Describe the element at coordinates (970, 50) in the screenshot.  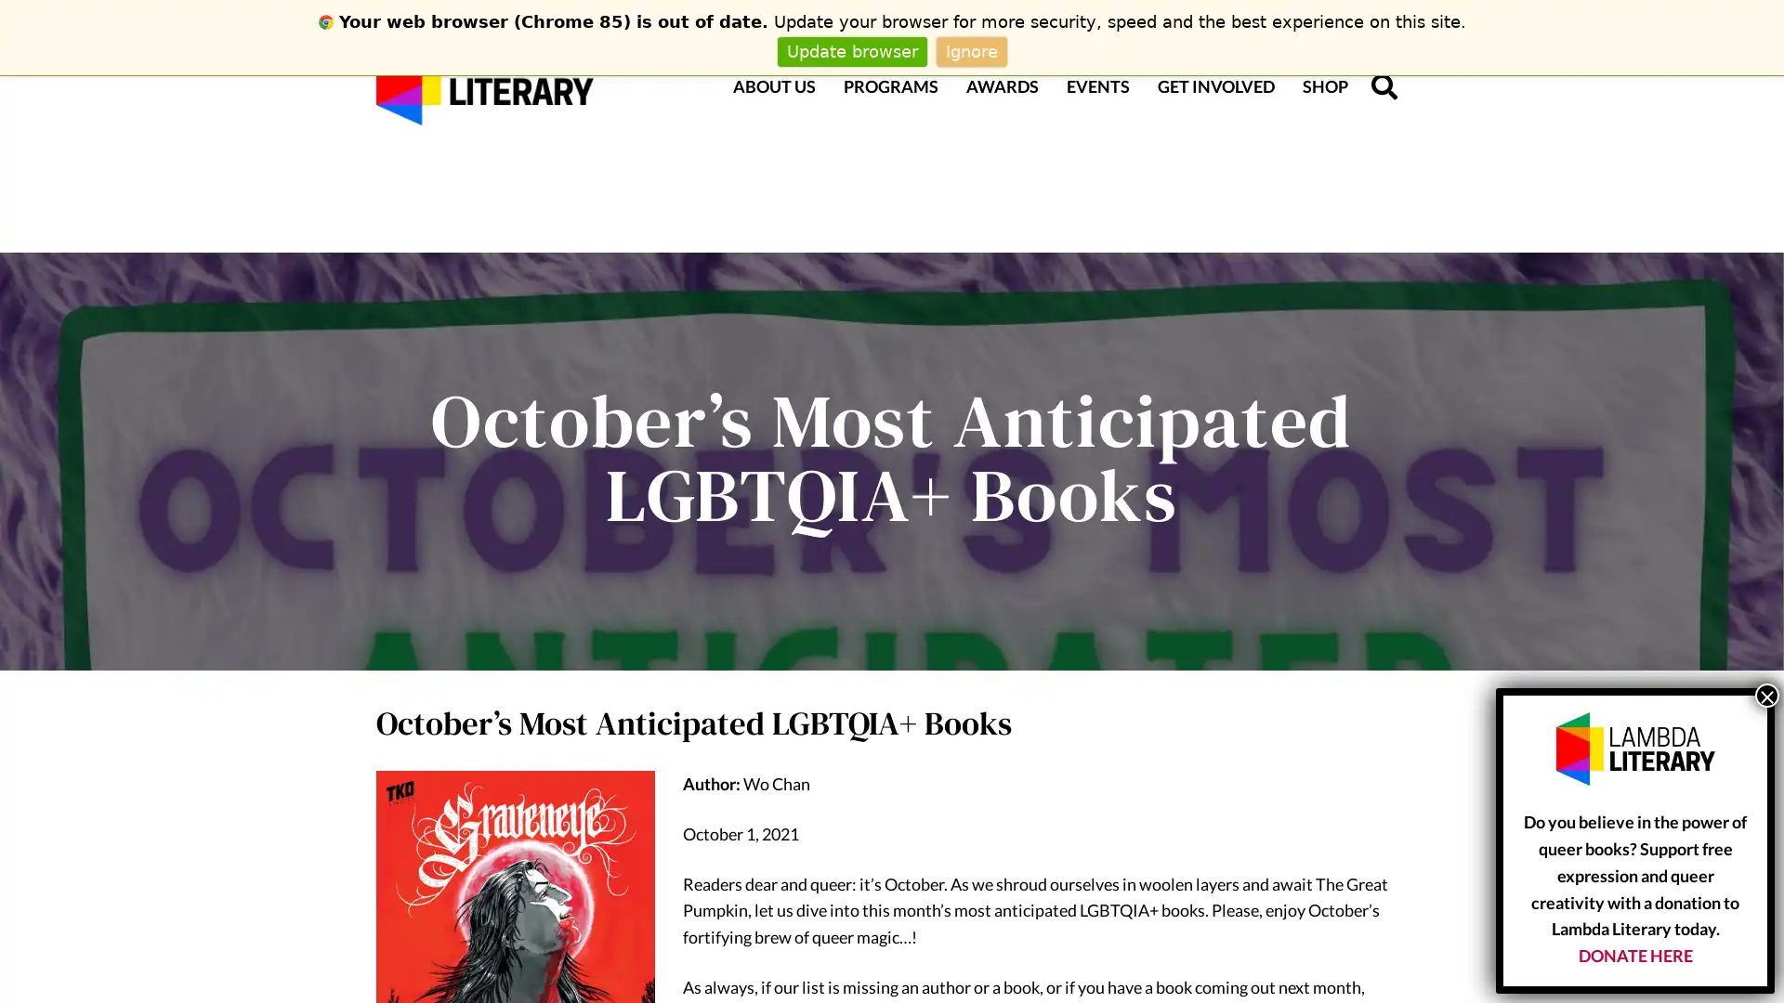
I see `Ignore` at that location.